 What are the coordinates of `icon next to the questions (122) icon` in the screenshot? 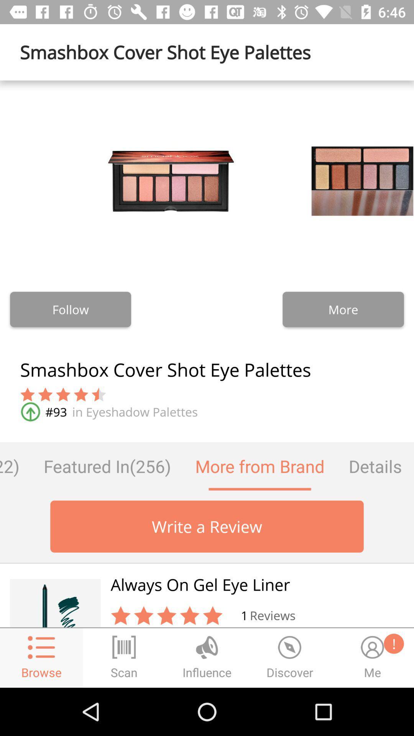 It's located at (107, 466).